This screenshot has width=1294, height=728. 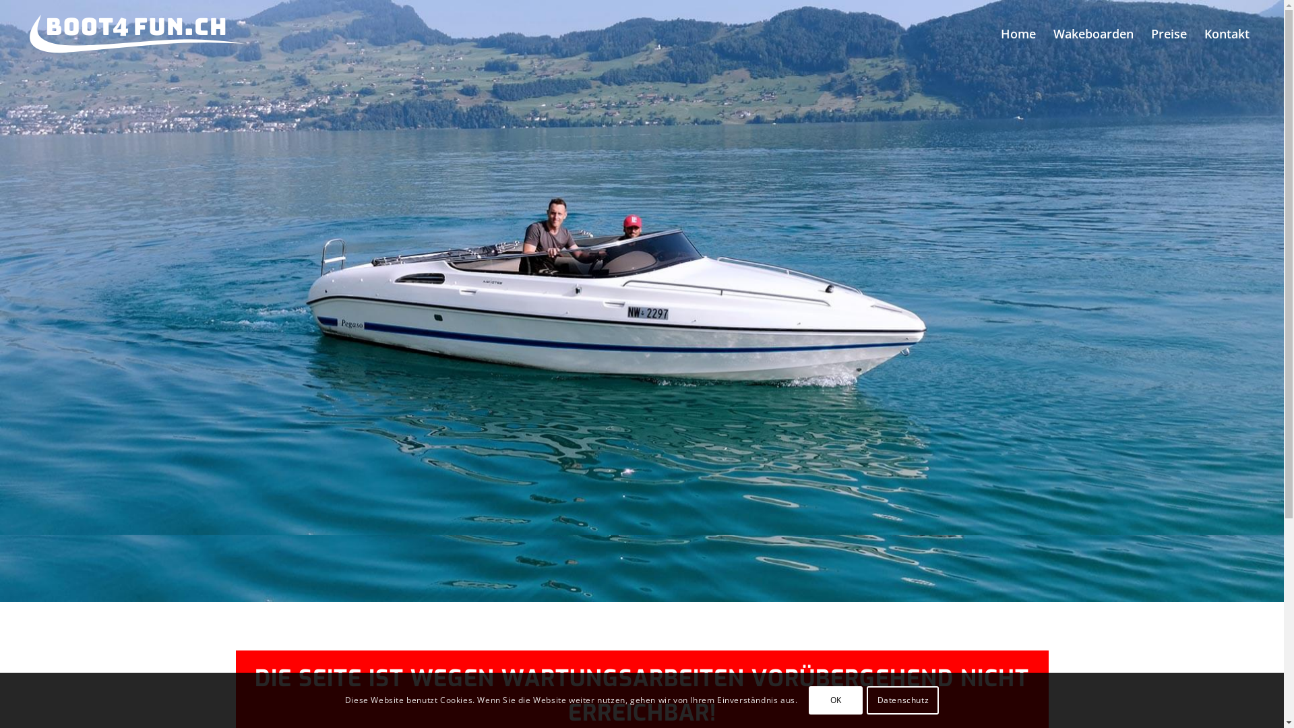 What do you see at coordinates (1018, 33) in the screenshot?
I see `'Home'` at bounding box center [1018, 33].